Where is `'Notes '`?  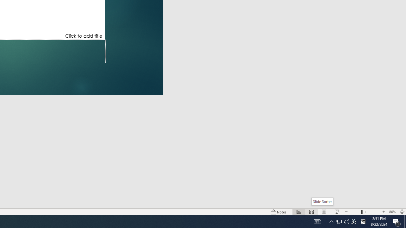 'Notes ' is located at coordinates (279, 212).